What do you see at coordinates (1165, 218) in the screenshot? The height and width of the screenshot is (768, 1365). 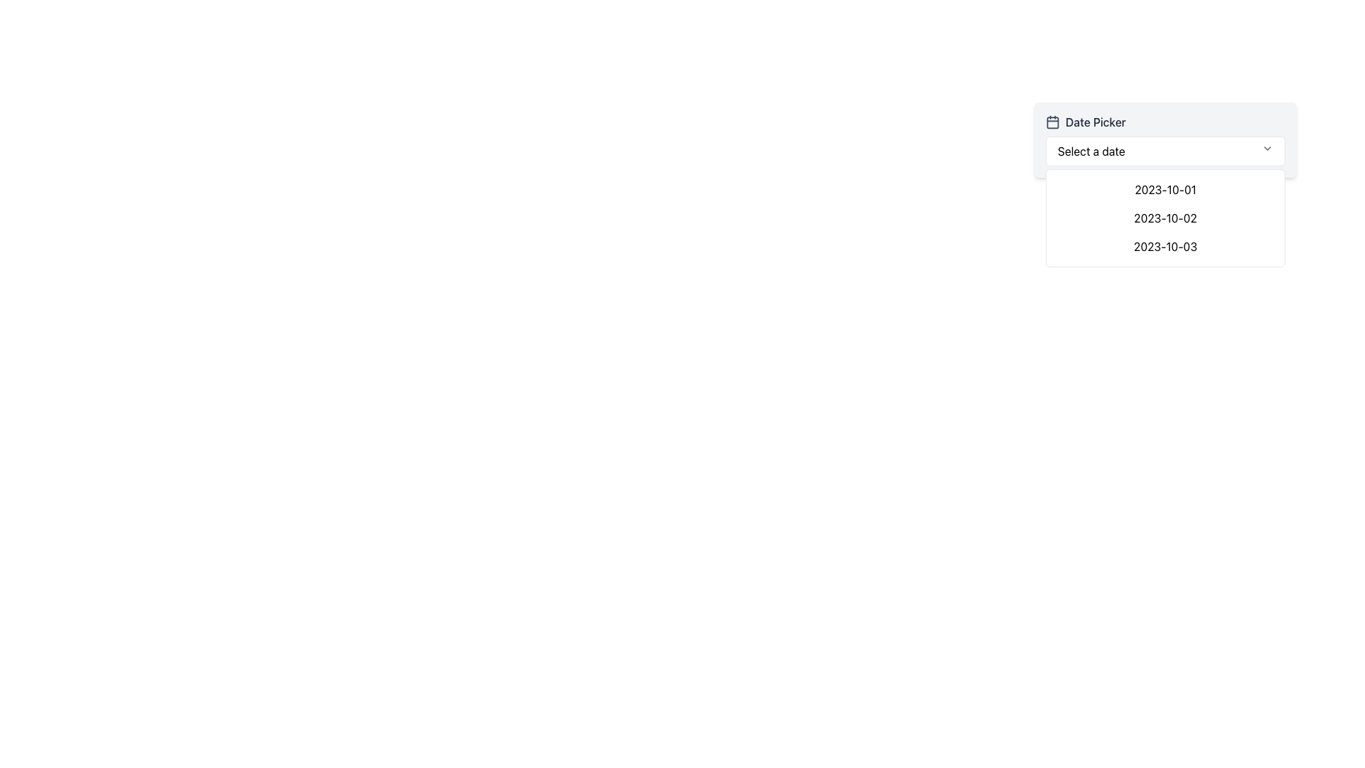 I see `the items in the dropdown menu located beneath the 'Date Picker' header and labeled 'Select a date'` at bounding box center [1165, 218].